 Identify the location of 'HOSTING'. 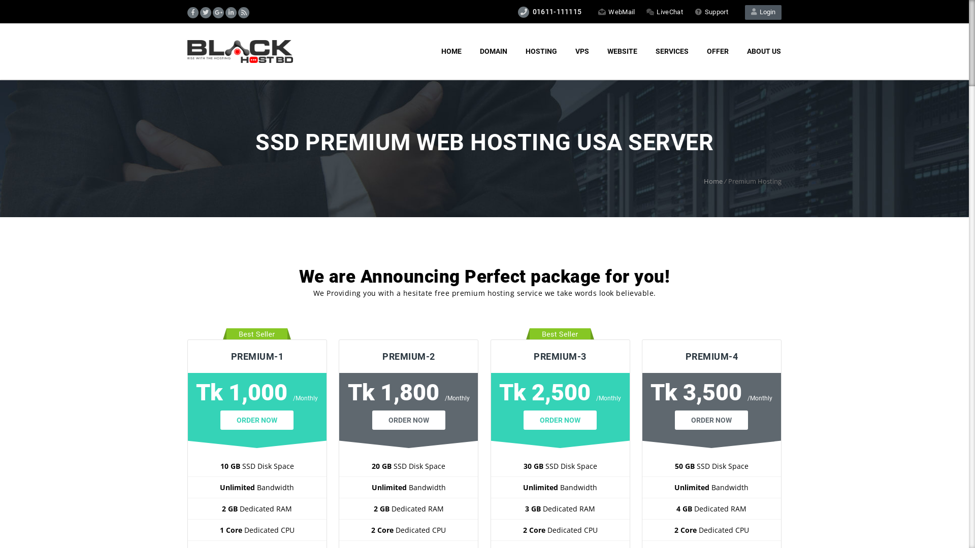
(540, 51).